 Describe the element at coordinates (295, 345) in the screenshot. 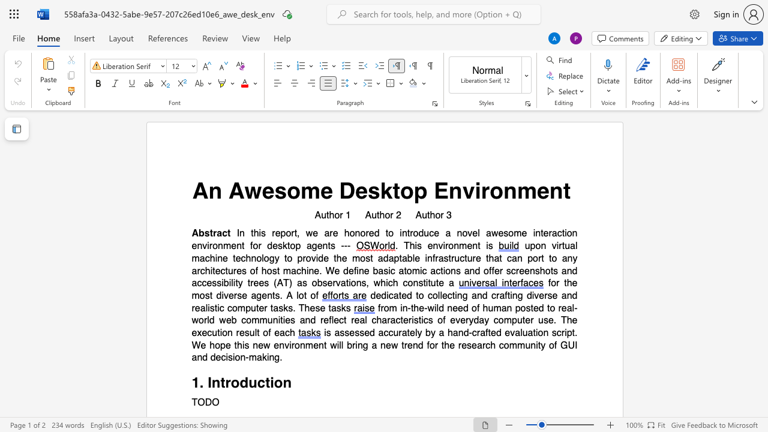

I see `the space between the continuous character "r" and "o" in the text` at that location.